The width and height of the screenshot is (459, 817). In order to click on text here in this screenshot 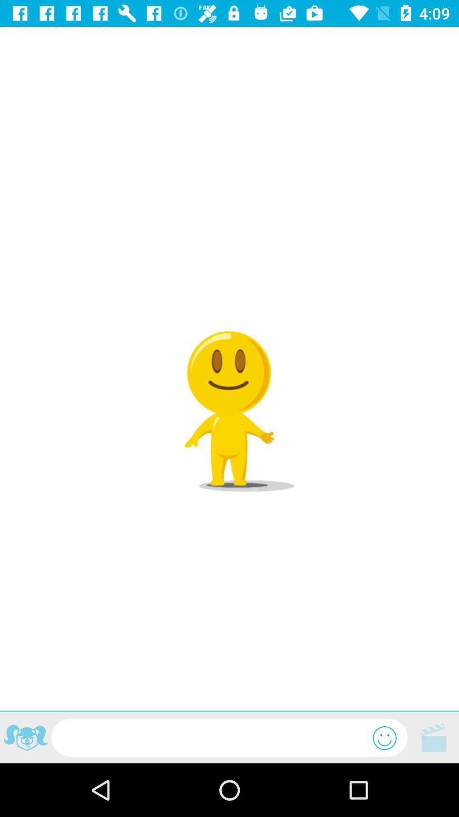, I will do `click(212, 737)`.